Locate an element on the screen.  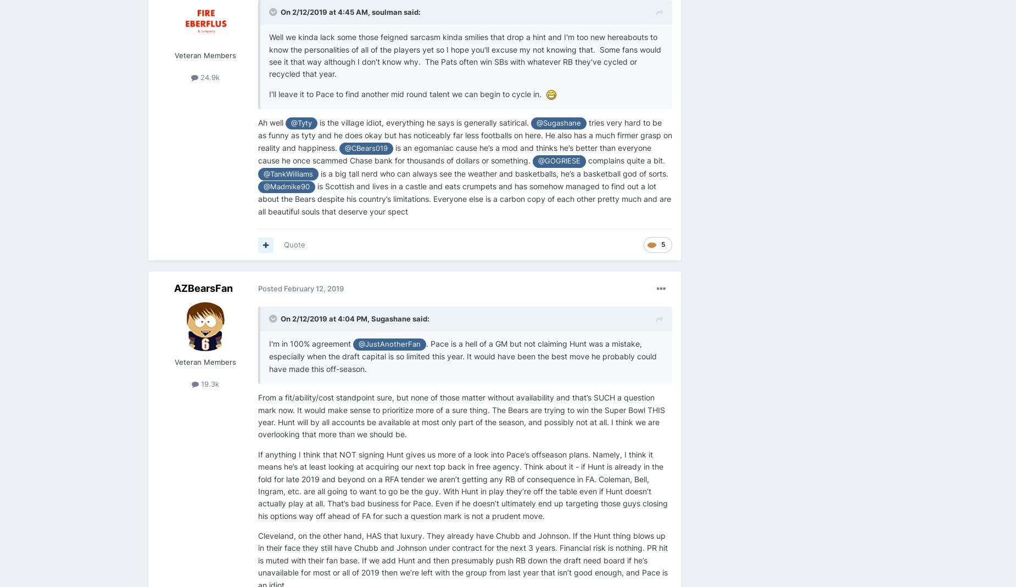
'@TankWilliams' is located at coordinates (288, 173).